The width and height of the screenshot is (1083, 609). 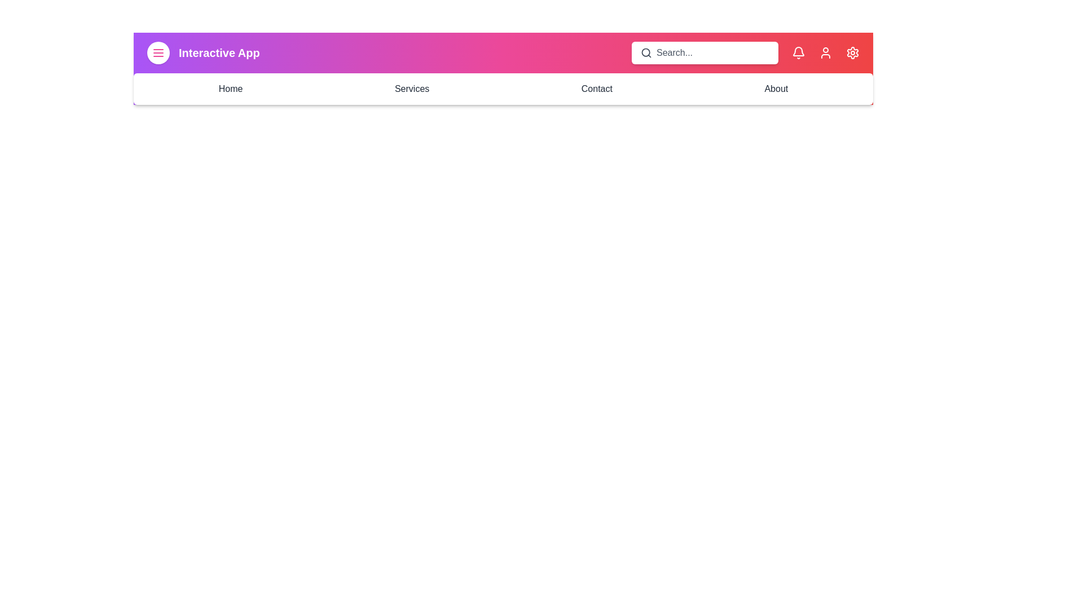 I want to click on the navigation link Home, so click(x=230, y=89).